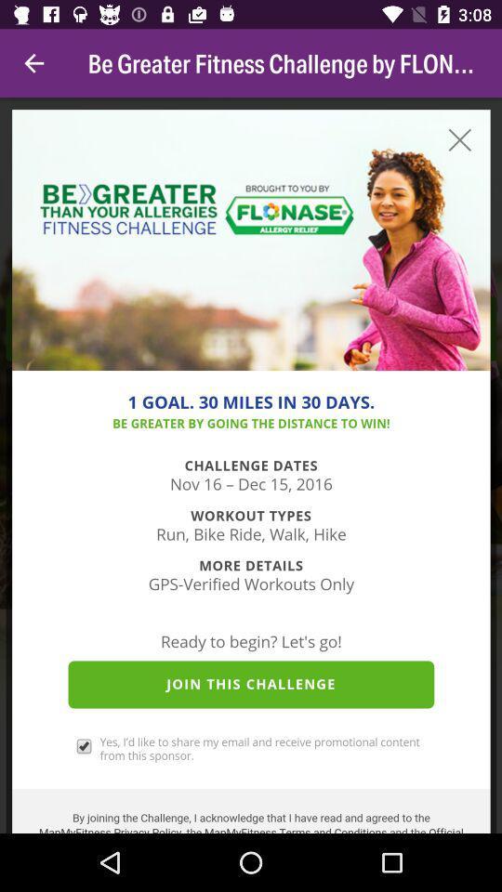 The height and width of the screenshot is (892, 502). What do you see at coordinates (251, 465) in the screenshot?
I see `open a page` at bounding box center [251, 465].